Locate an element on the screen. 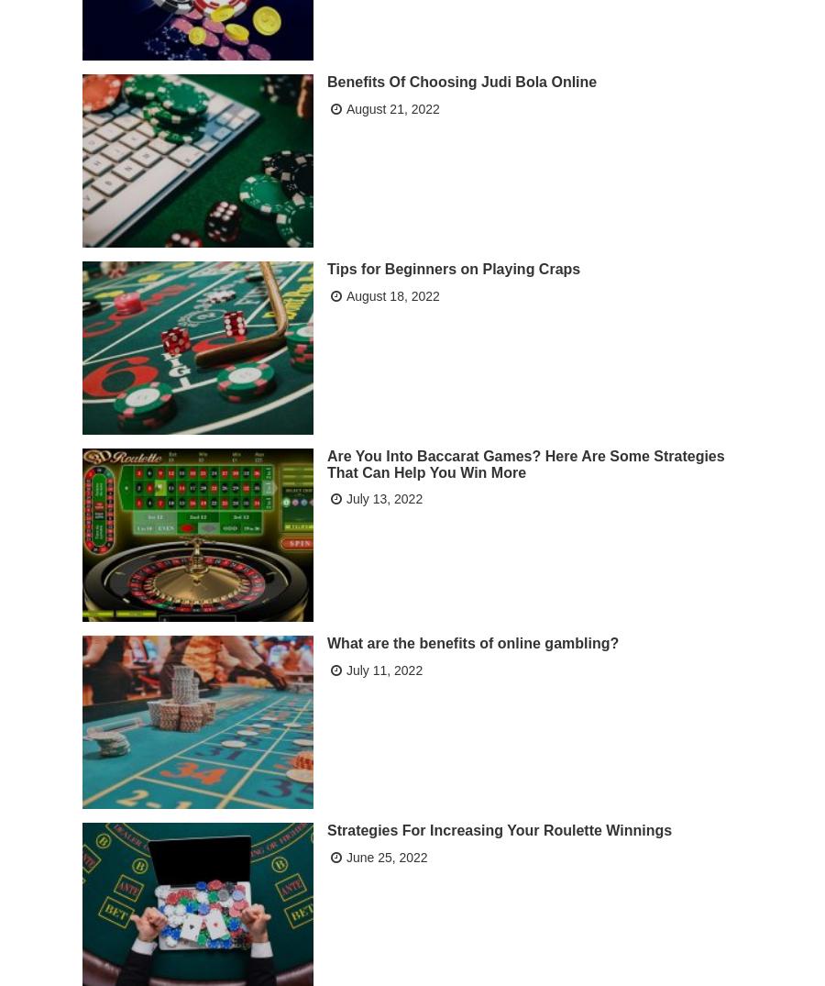 The width and height of the screenshot is (825, 986). 'Tips for Beginners on Playing Craps' is located at coordinates (453, 268).